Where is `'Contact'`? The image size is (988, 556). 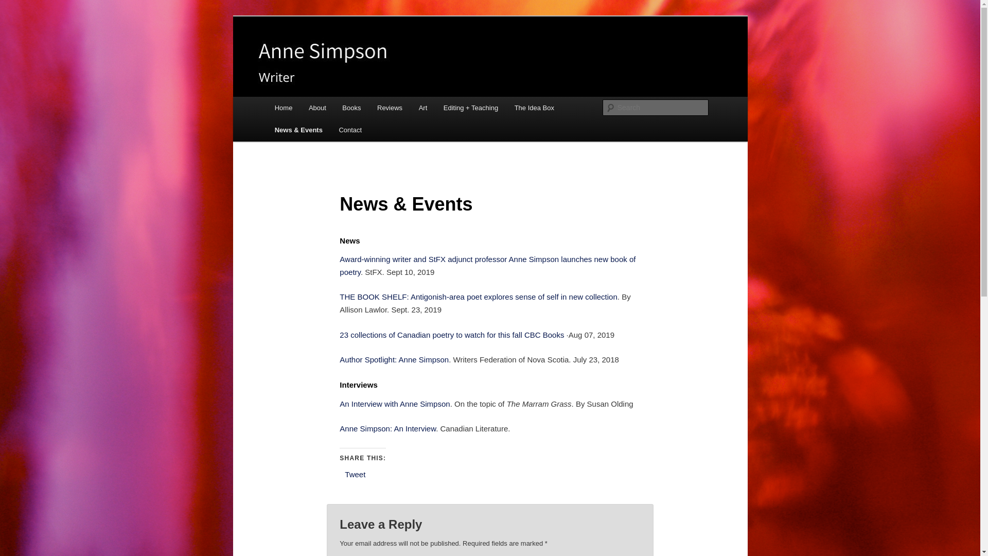
'Contact' is located at coordinates (350, 129).